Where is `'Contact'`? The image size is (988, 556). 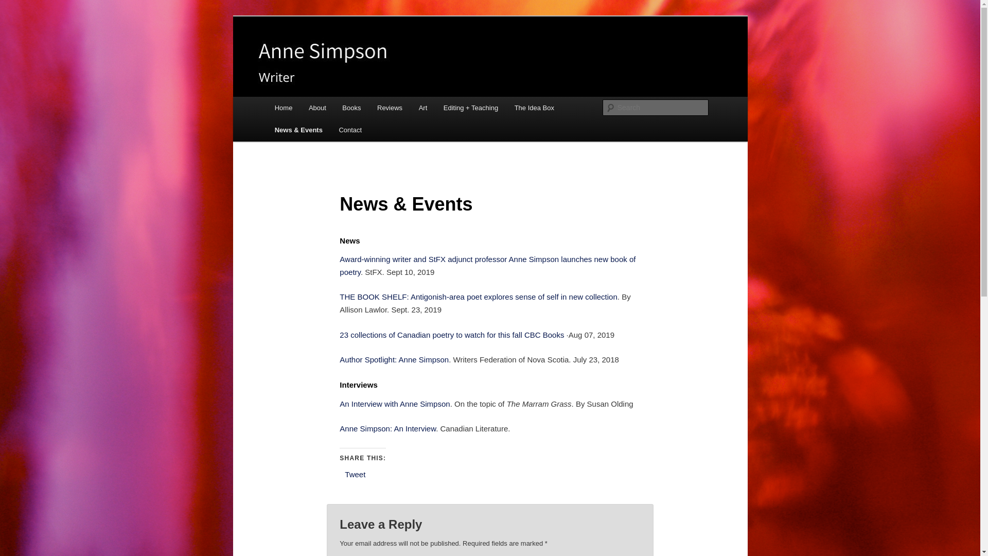
'Contact' is located at coordinates (350, 129).